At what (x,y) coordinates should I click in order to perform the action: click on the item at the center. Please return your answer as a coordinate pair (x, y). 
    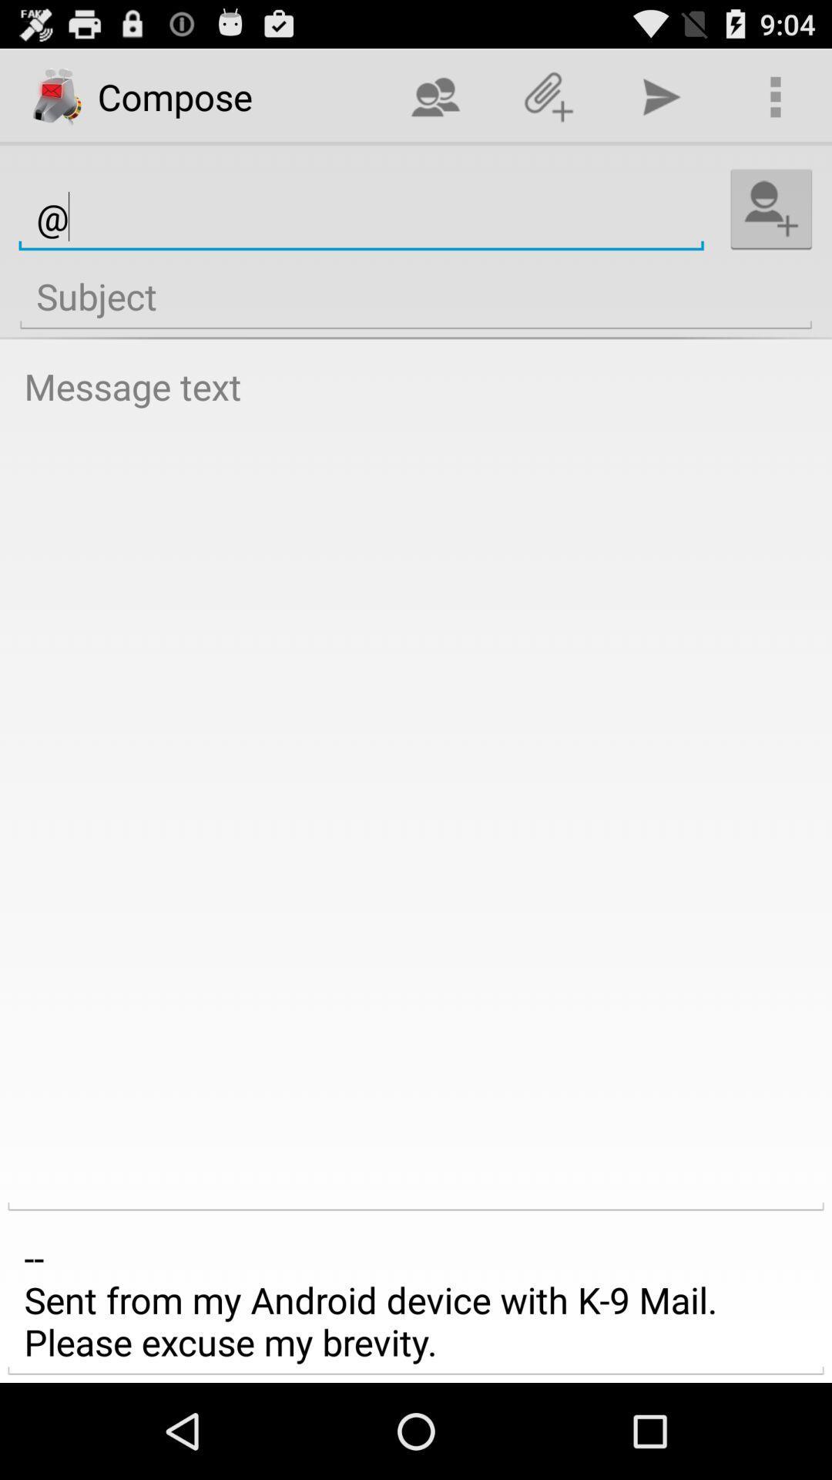
    Looking at the image, I should click on (416, 782).